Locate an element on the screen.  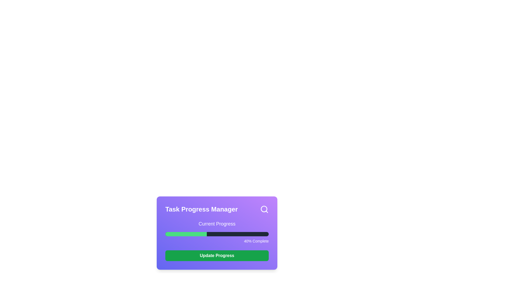
the progress information displayed on the progress bar, which is filled with green and shows '40% Complete' next to it is located at coordinates (217, 233).